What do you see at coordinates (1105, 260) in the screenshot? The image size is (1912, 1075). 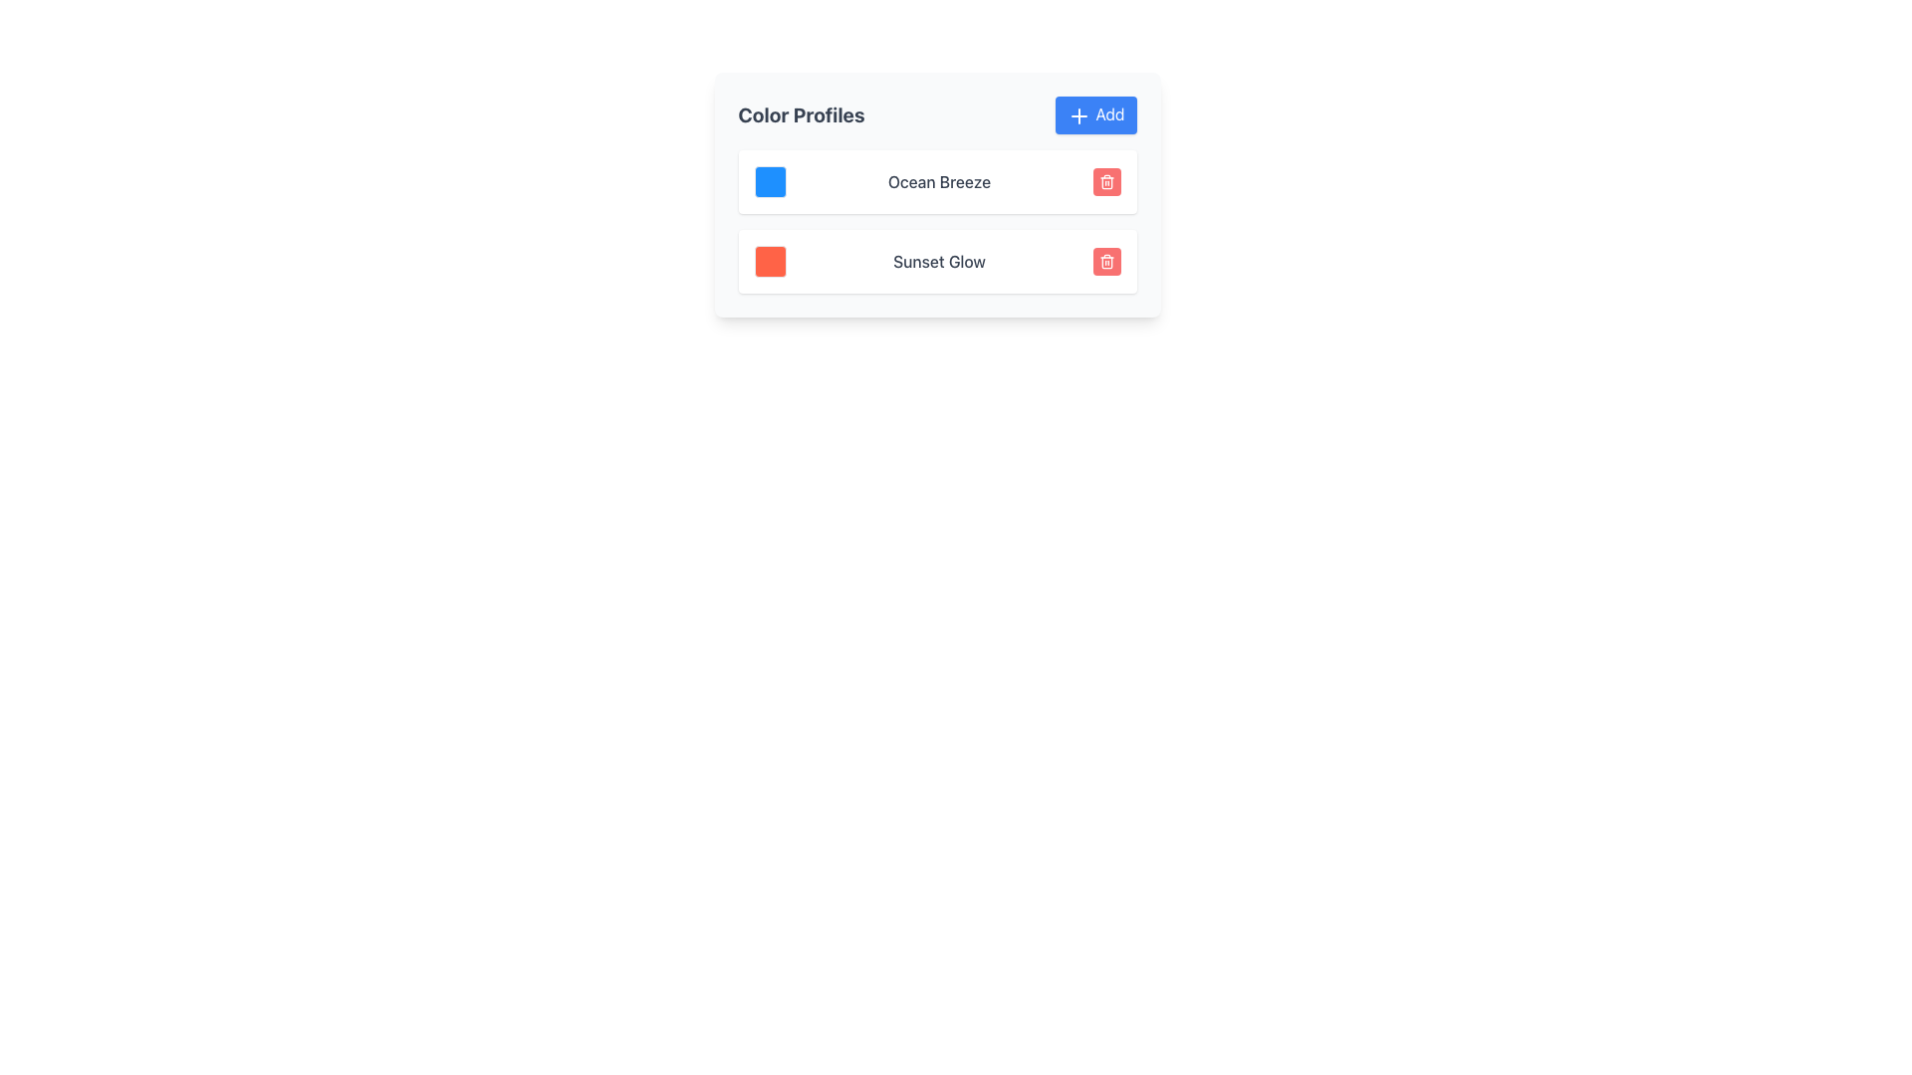 I see `the delete button associated with the 'Sunset Glow' color profile located to the right of its row in the list` at bounding box center [1105, 260].